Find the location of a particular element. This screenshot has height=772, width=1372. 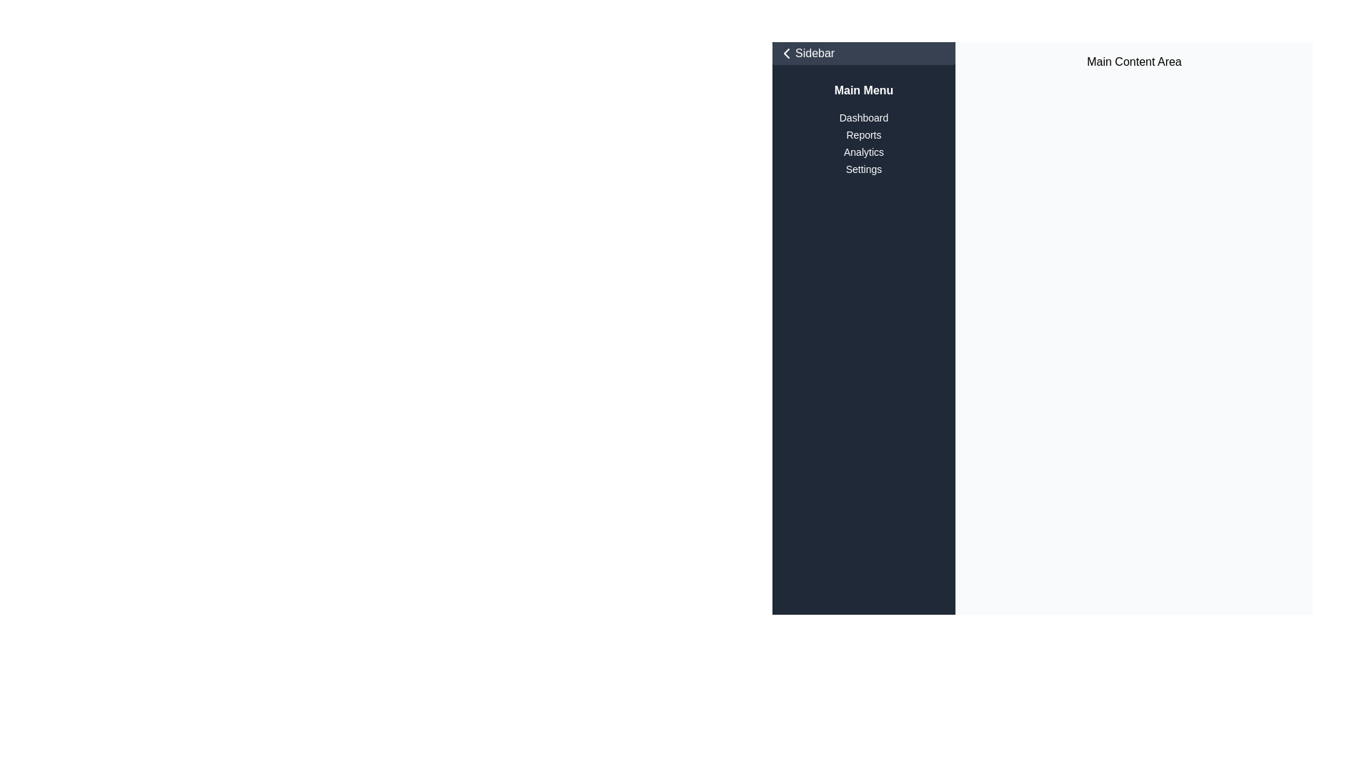

the 'Reports' text label in the sidebar menu, which is displayed in white font on a dark background and is the second item in the vertical list is located at coordinates (863, 135).